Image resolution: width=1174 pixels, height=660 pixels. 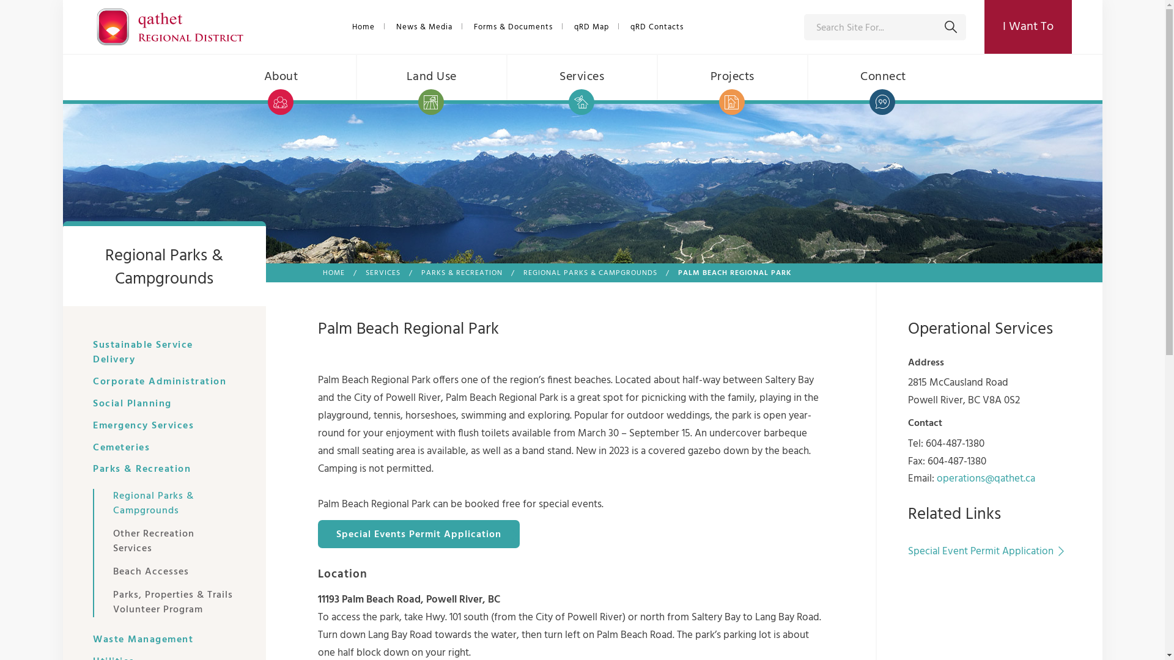 I want to click on 'Social Planning', so click(x=92, y=403).